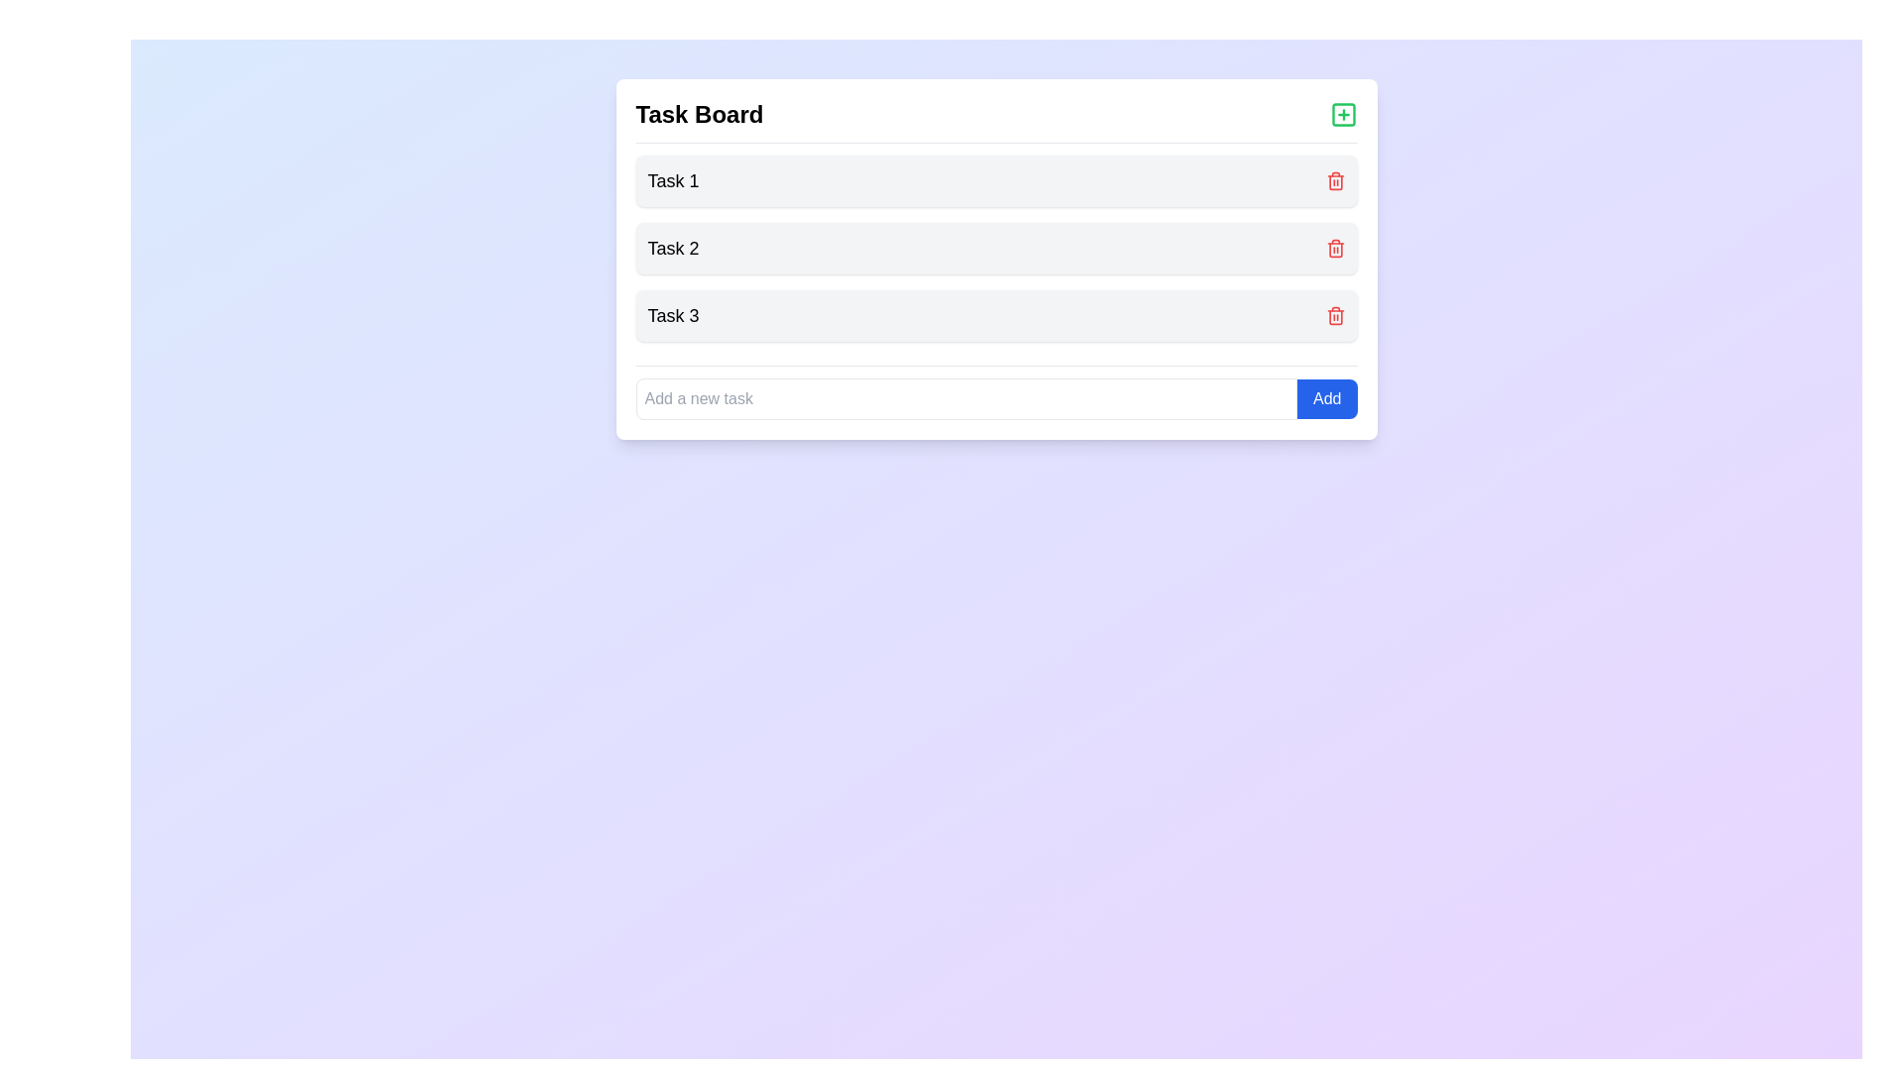 The image size is (1903, 1070). Describe the element at coordinates (1343, 114) in the screenshot. I see `the plus sign icon button located in the top-right corner of the 'Task Board' panel` at that location.